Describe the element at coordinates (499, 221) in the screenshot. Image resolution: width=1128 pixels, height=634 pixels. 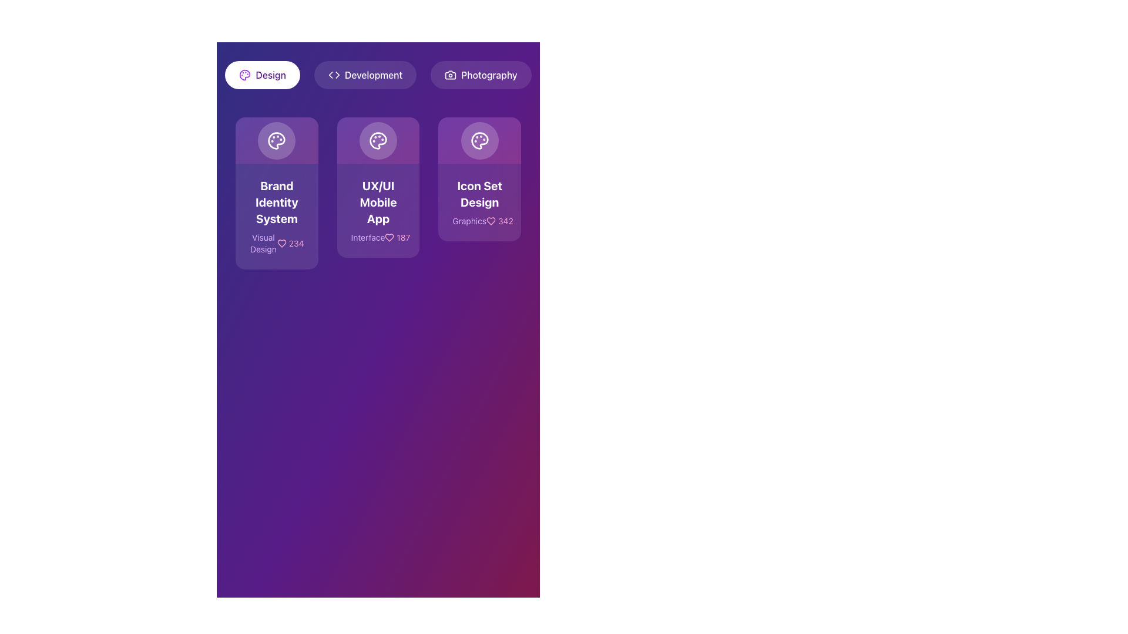
I see `the Static Label with Icon displaying the numeral '342' in pink color, located at the bottom-right of the 'Icon Set Design' card` at that location.